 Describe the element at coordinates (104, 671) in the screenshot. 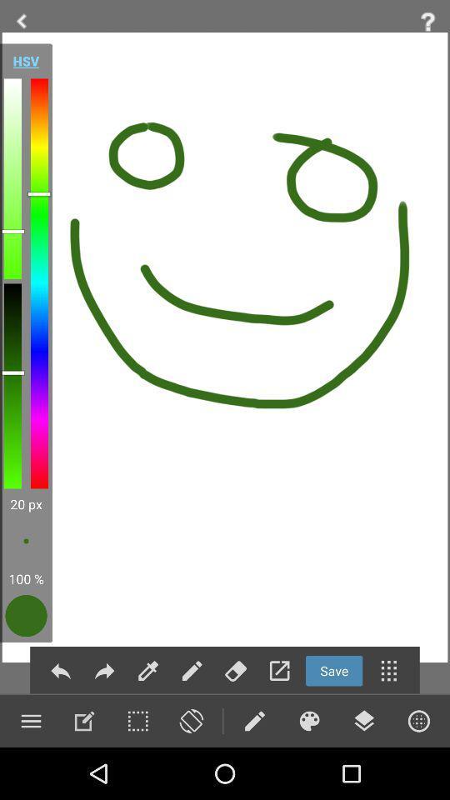

I see `forward` at that location.